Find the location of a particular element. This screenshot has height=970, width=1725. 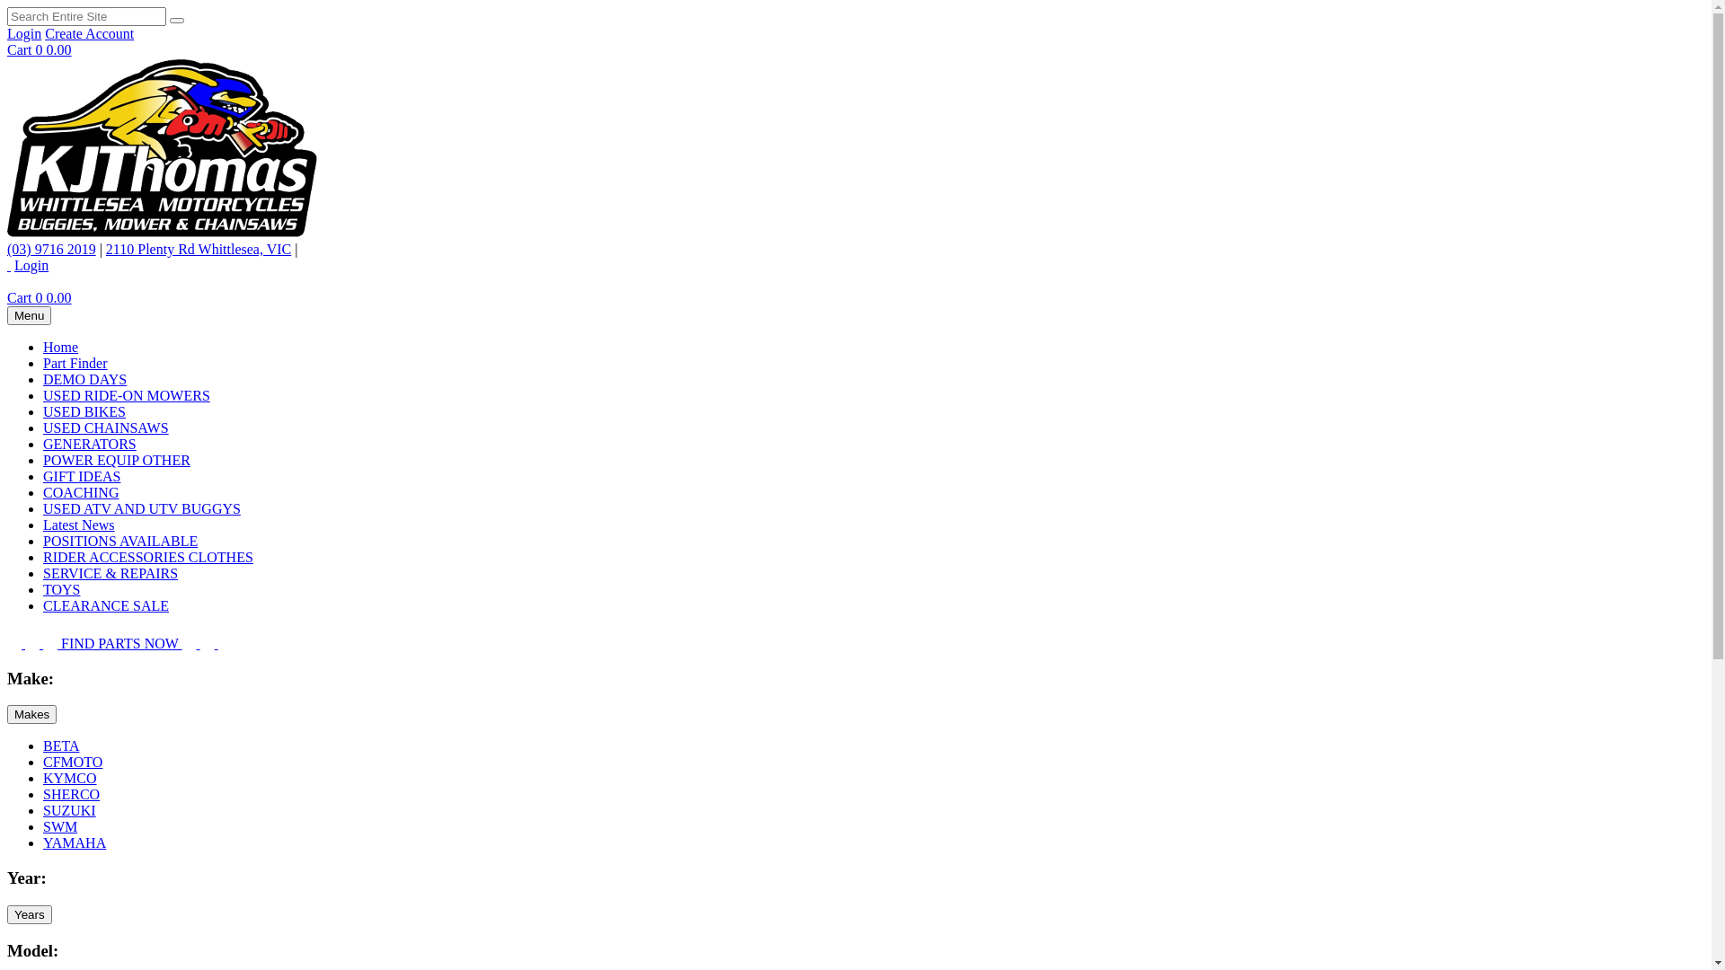

'Login' is located at coordinates (31, 265).